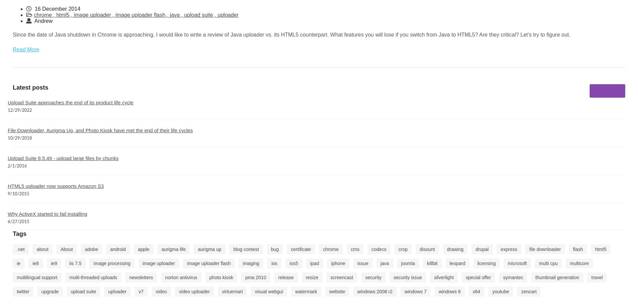 The width and height of the screenshot is (638, 304). I want to click on 'iphone', so click(331, 263).